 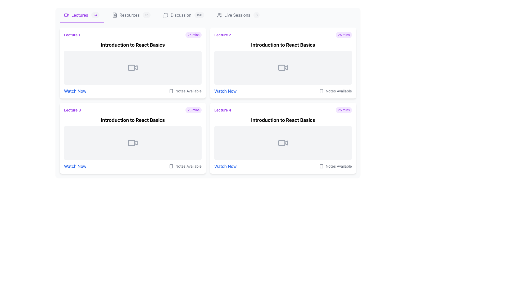 What do you see at coordinates (339, 166) in the screenshot?
I see `the text label that says 'Notes Available', located at the bottom-right corner of the fourth lecture card, adjacent to the checkbox element` at bounding box center [339, 166].